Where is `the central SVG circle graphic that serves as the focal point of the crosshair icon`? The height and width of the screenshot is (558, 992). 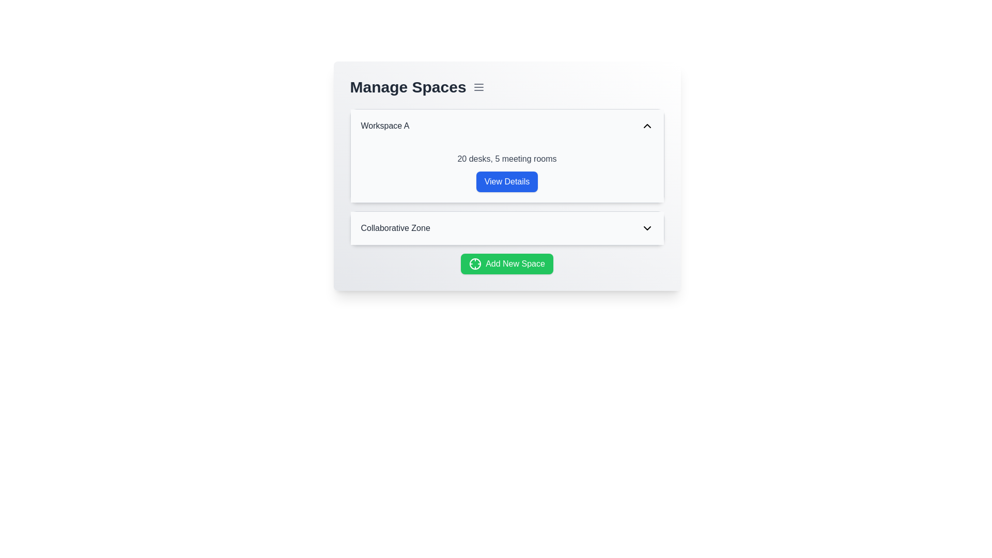
the central SVG circle graphic that serves as the focal point of the crosshair icon is located at coordinates (475, 263).